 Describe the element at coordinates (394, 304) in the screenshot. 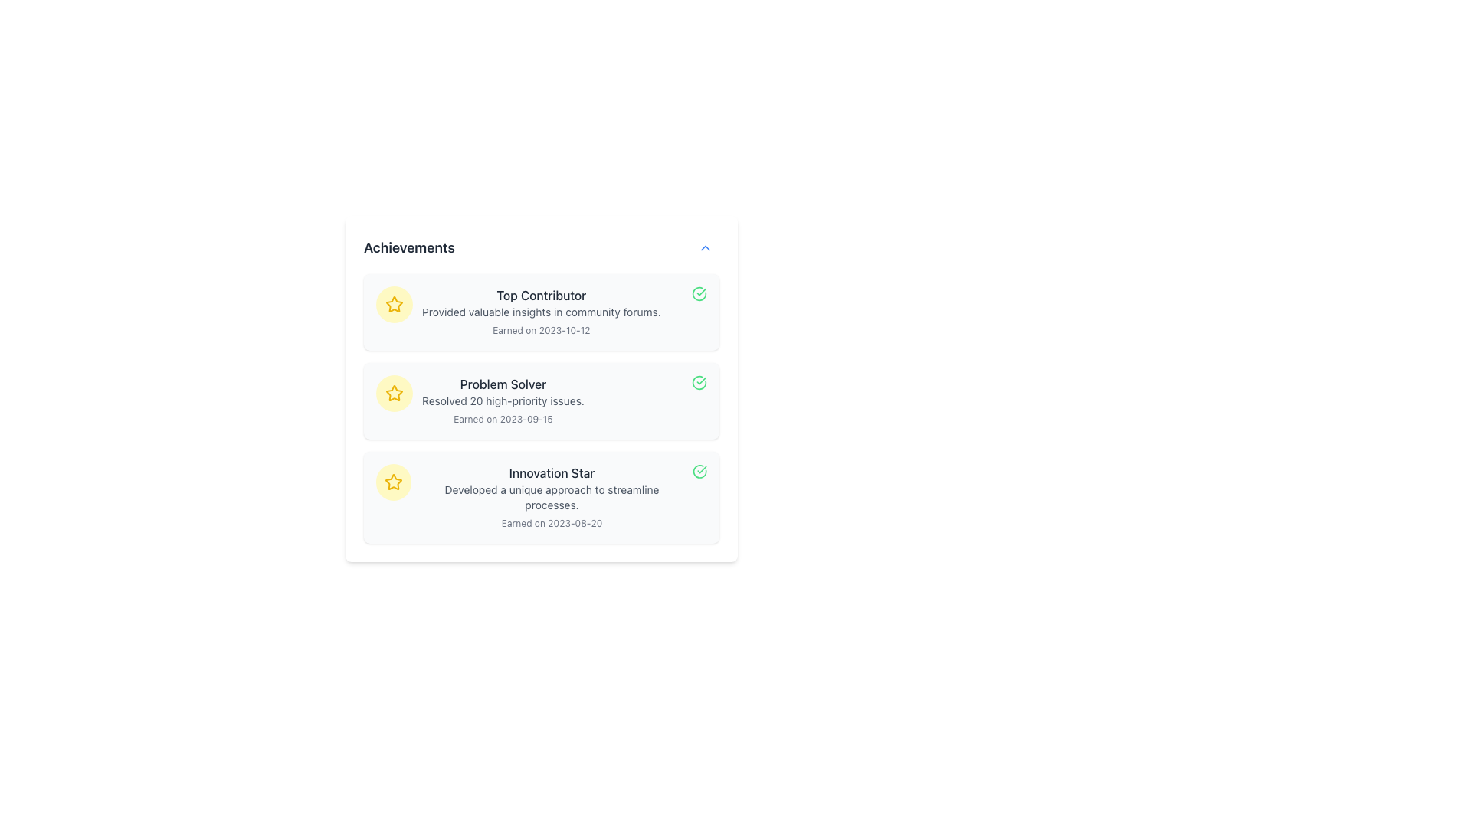

I see `the second star icon in the 'Achievements' section that indicates the 'Problem Solver' achievement` at that location.